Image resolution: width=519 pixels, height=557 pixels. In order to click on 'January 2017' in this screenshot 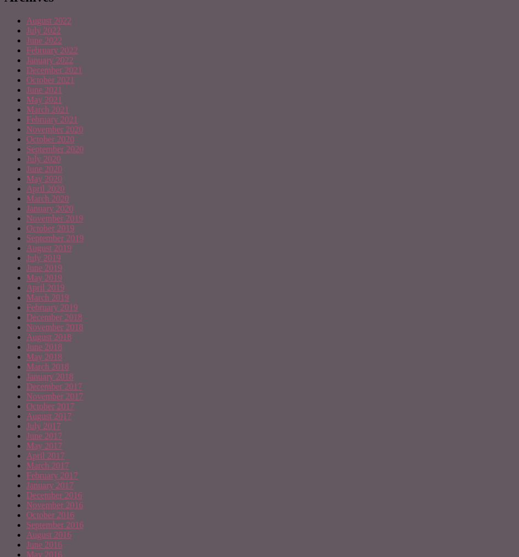, I will do `click(26, 484)`.